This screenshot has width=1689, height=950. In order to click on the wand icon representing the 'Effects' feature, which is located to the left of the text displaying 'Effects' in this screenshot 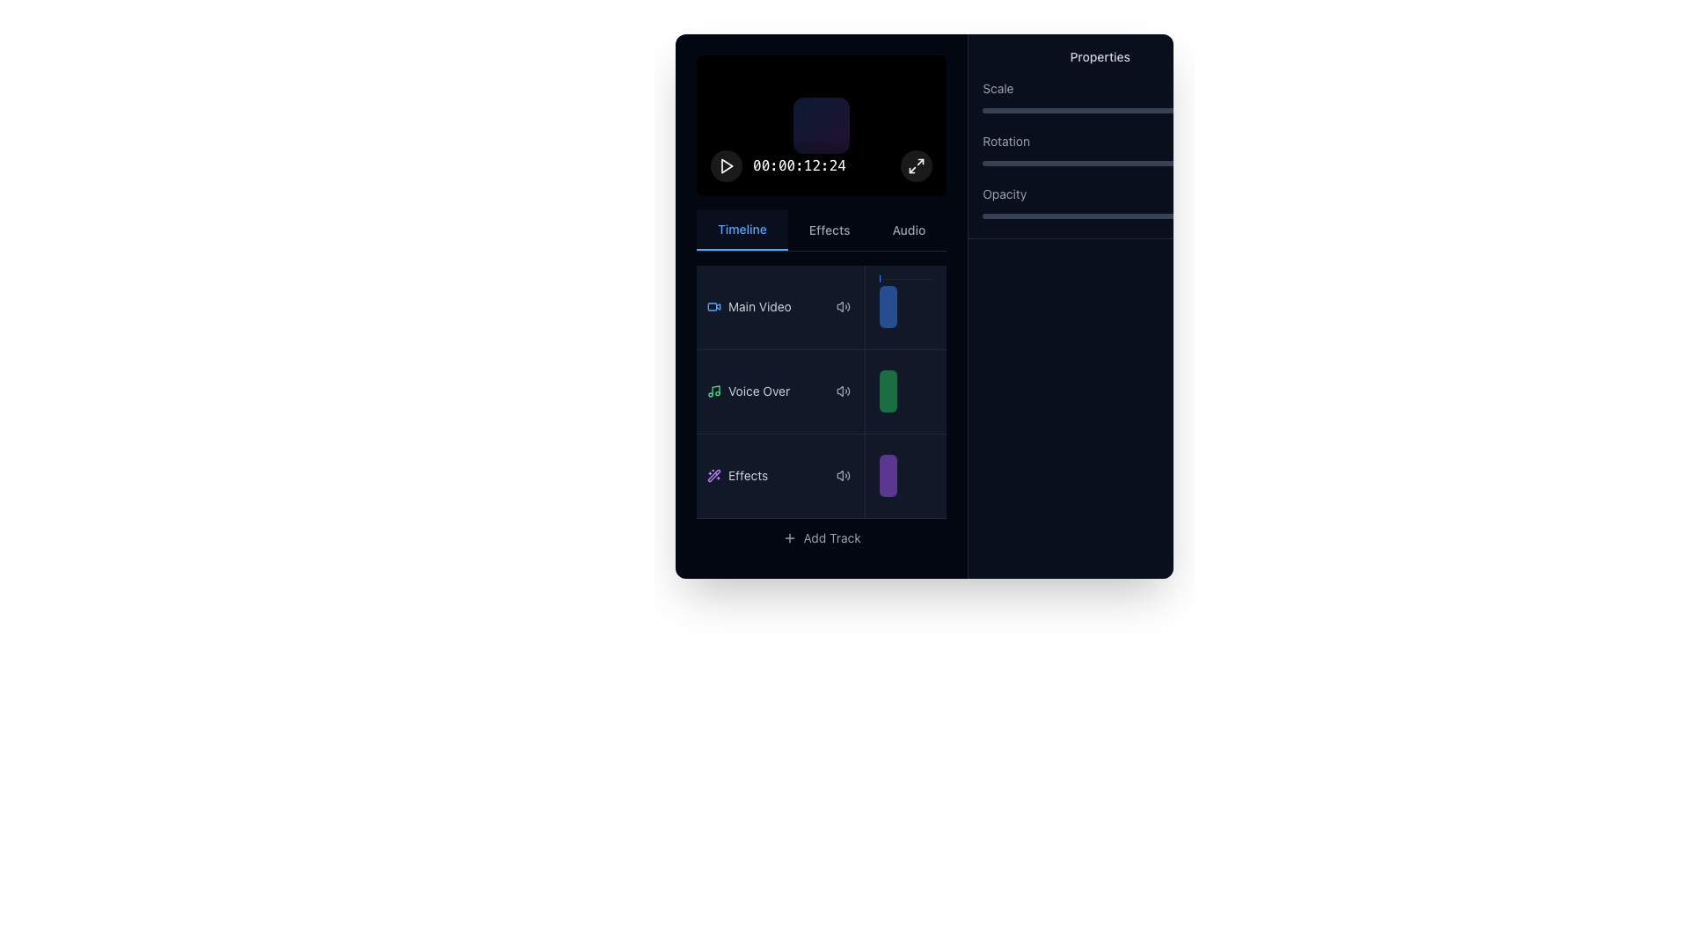, I will do `click(713, 475)`.